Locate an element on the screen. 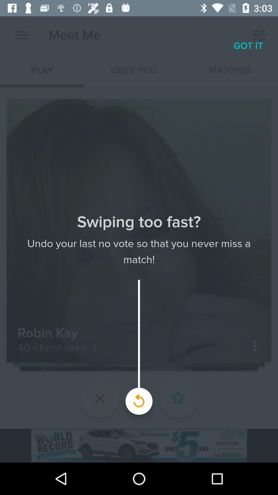  the undo icon is located at coordinates (139, 398).